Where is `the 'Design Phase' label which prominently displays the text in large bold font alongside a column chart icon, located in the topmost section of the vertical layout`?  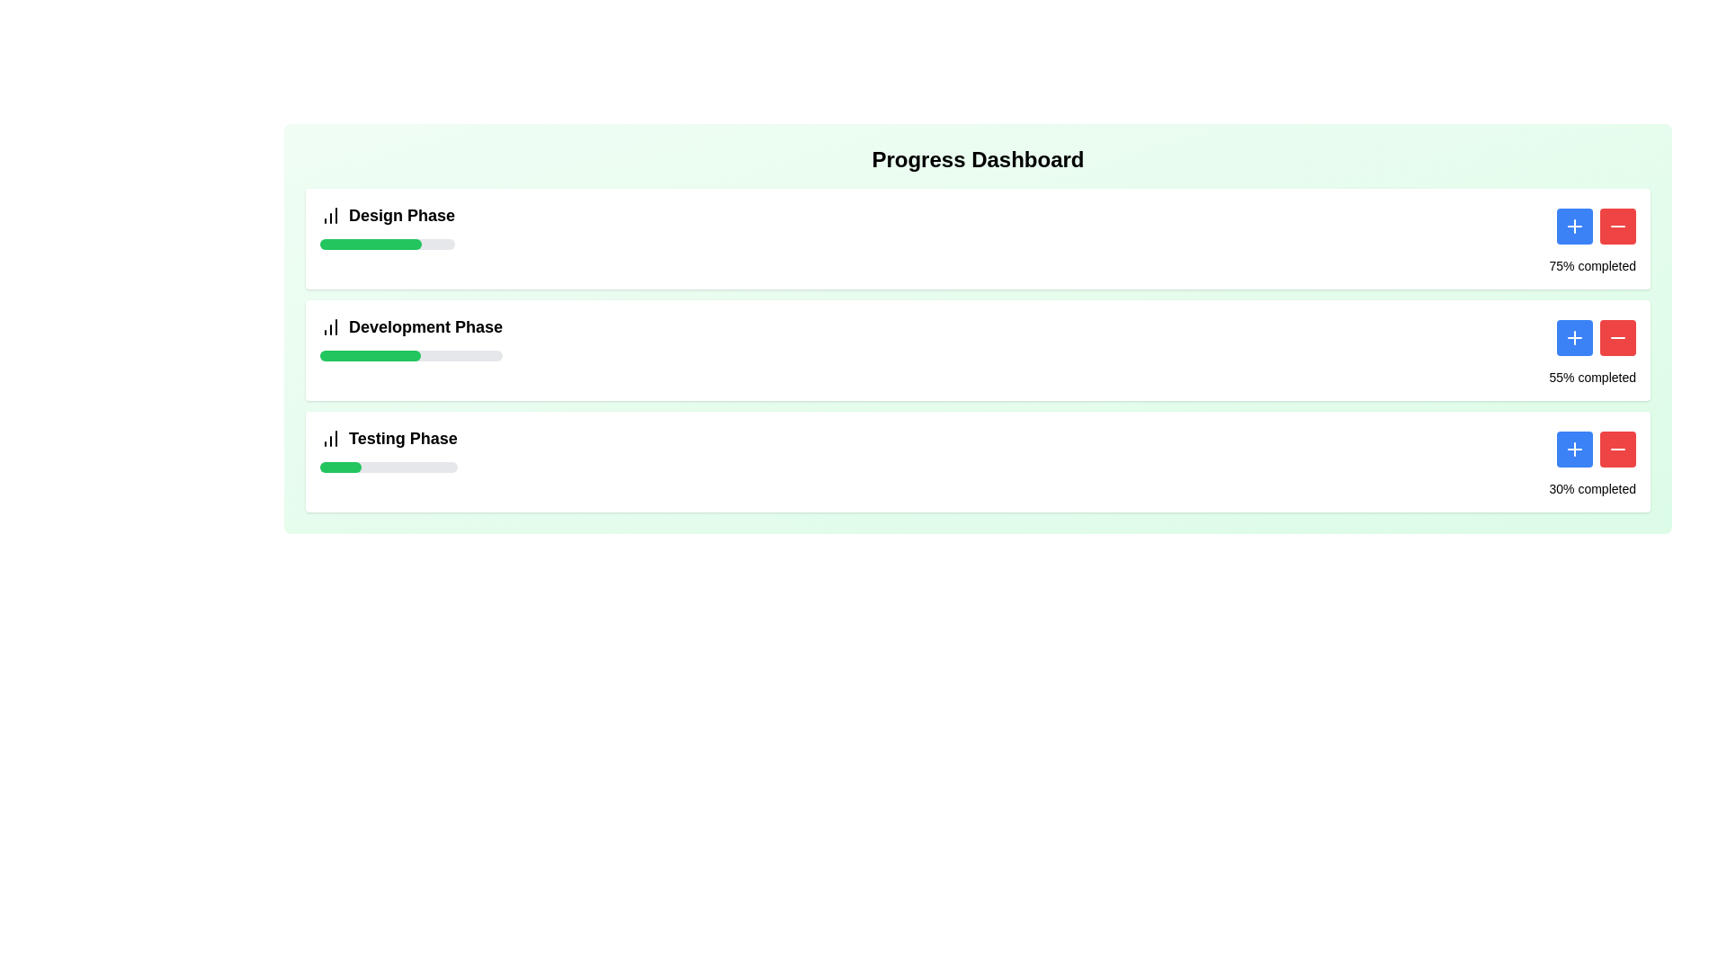
the 'Design Phase' label which prominently displays the text in large bold font alongside a column chart icon, located in the topmost section of the vertical layout is located at coordinates (387, 214).